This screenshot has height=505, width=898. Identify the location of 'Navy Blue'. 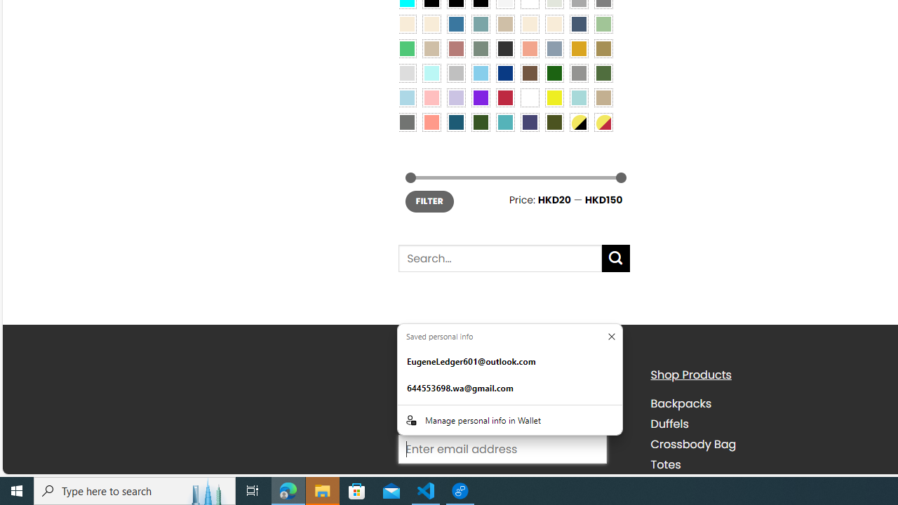
(505, 72).